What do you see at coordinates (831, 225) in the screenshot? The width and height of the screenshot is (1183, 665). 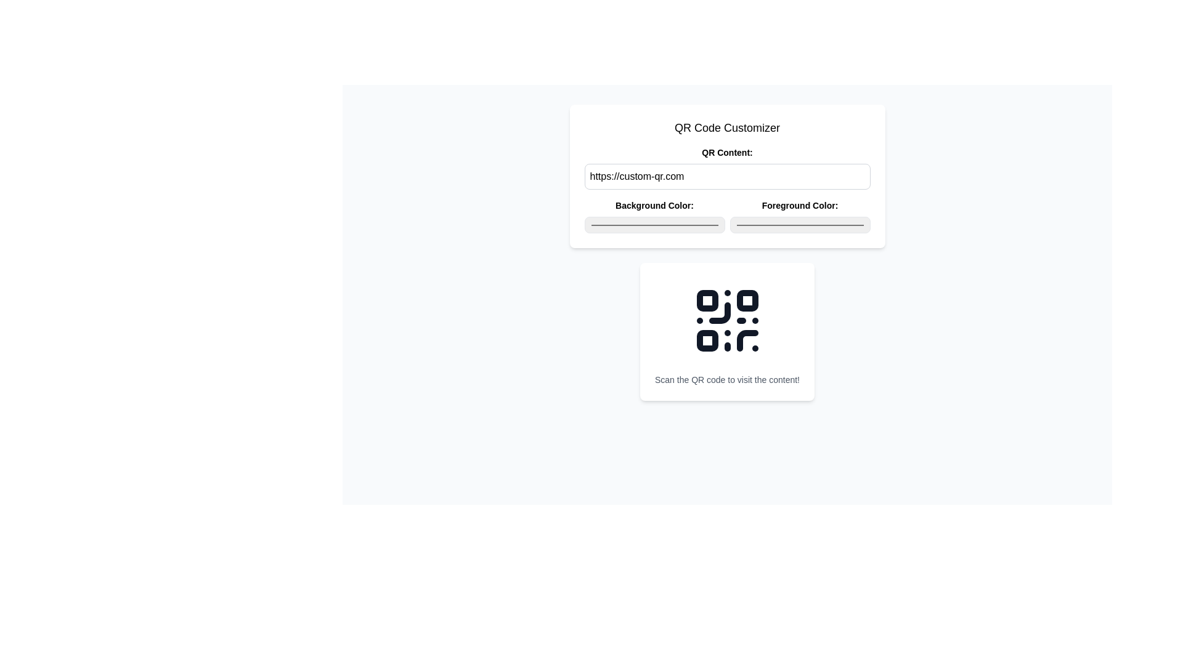 I see `the foreground color value by sliding` at bounding box center [831, 225].